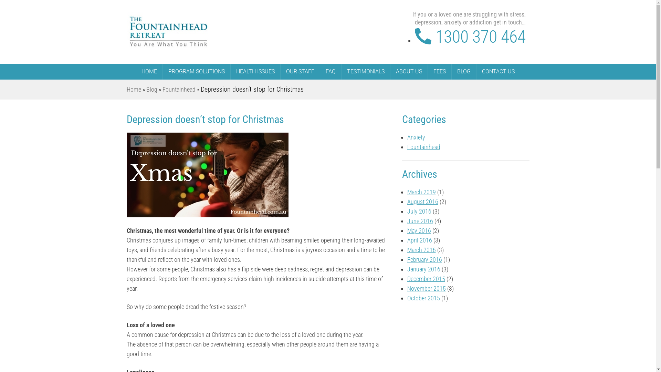 This screenshot has width=661, height=372. I want to click on 'Home', so click(134, 89).